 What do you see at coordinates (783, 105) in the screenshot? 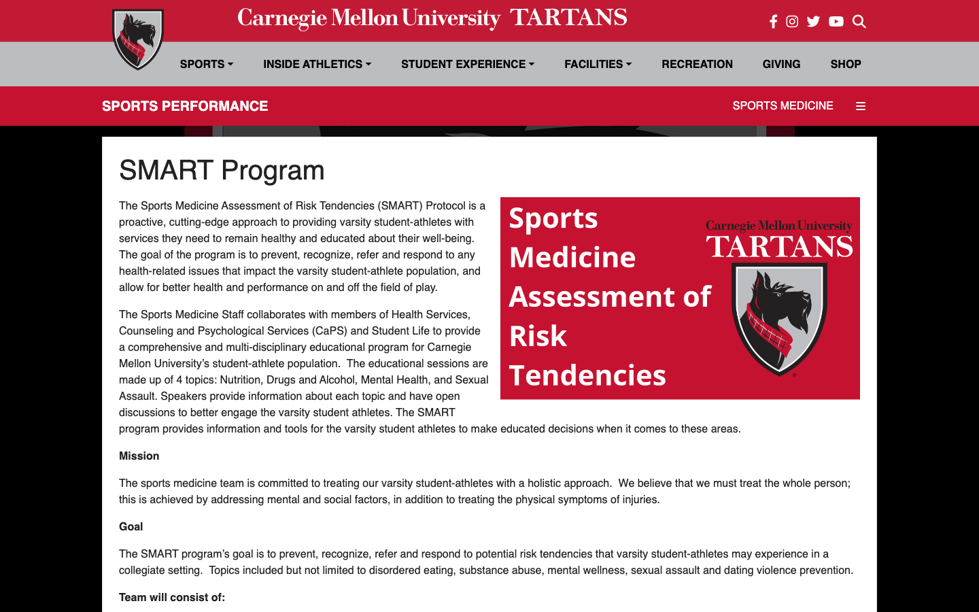
I see `"Sports Medicine" section` at bounding box center [783, 105].